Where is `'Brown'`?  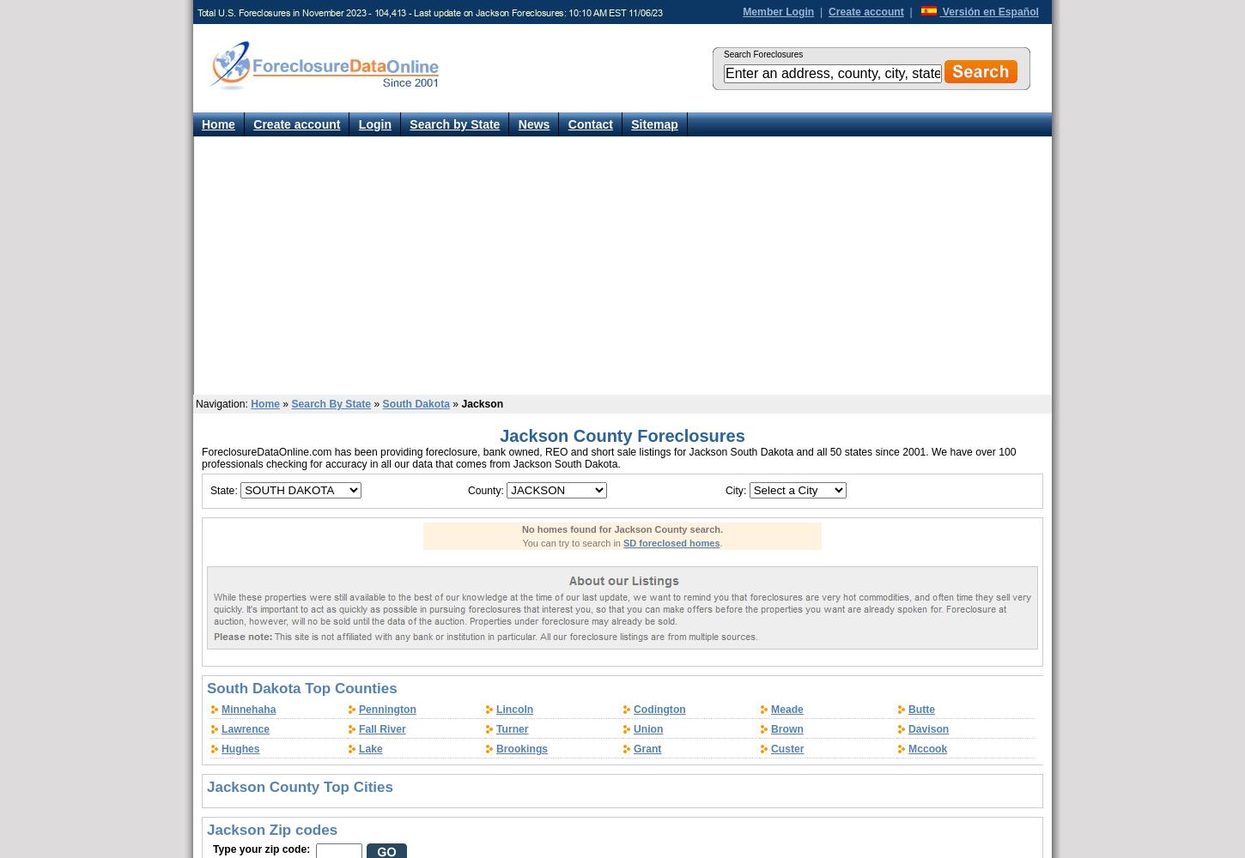
'Brown' is located at coordinates (786, 728).